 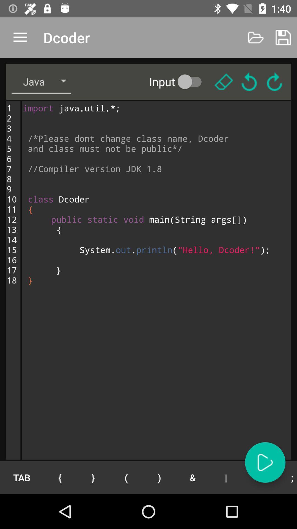 What do you see at coordinates (179, 81) in the screenshot?
I see `the icon at the top` at bounding box center [179, 81].